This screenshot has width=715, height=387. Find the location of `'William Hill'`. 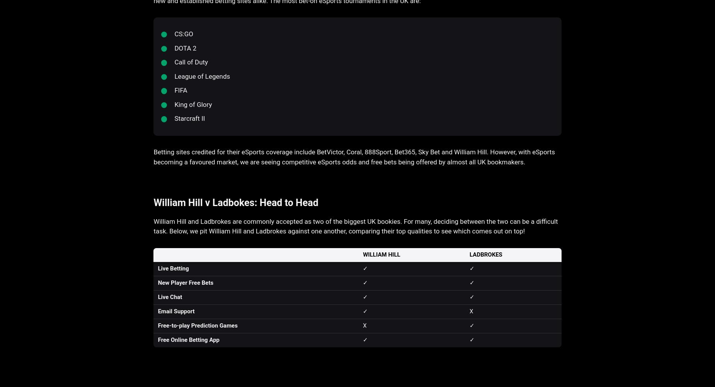

'William Hill' is located at coordinates (381, 254).